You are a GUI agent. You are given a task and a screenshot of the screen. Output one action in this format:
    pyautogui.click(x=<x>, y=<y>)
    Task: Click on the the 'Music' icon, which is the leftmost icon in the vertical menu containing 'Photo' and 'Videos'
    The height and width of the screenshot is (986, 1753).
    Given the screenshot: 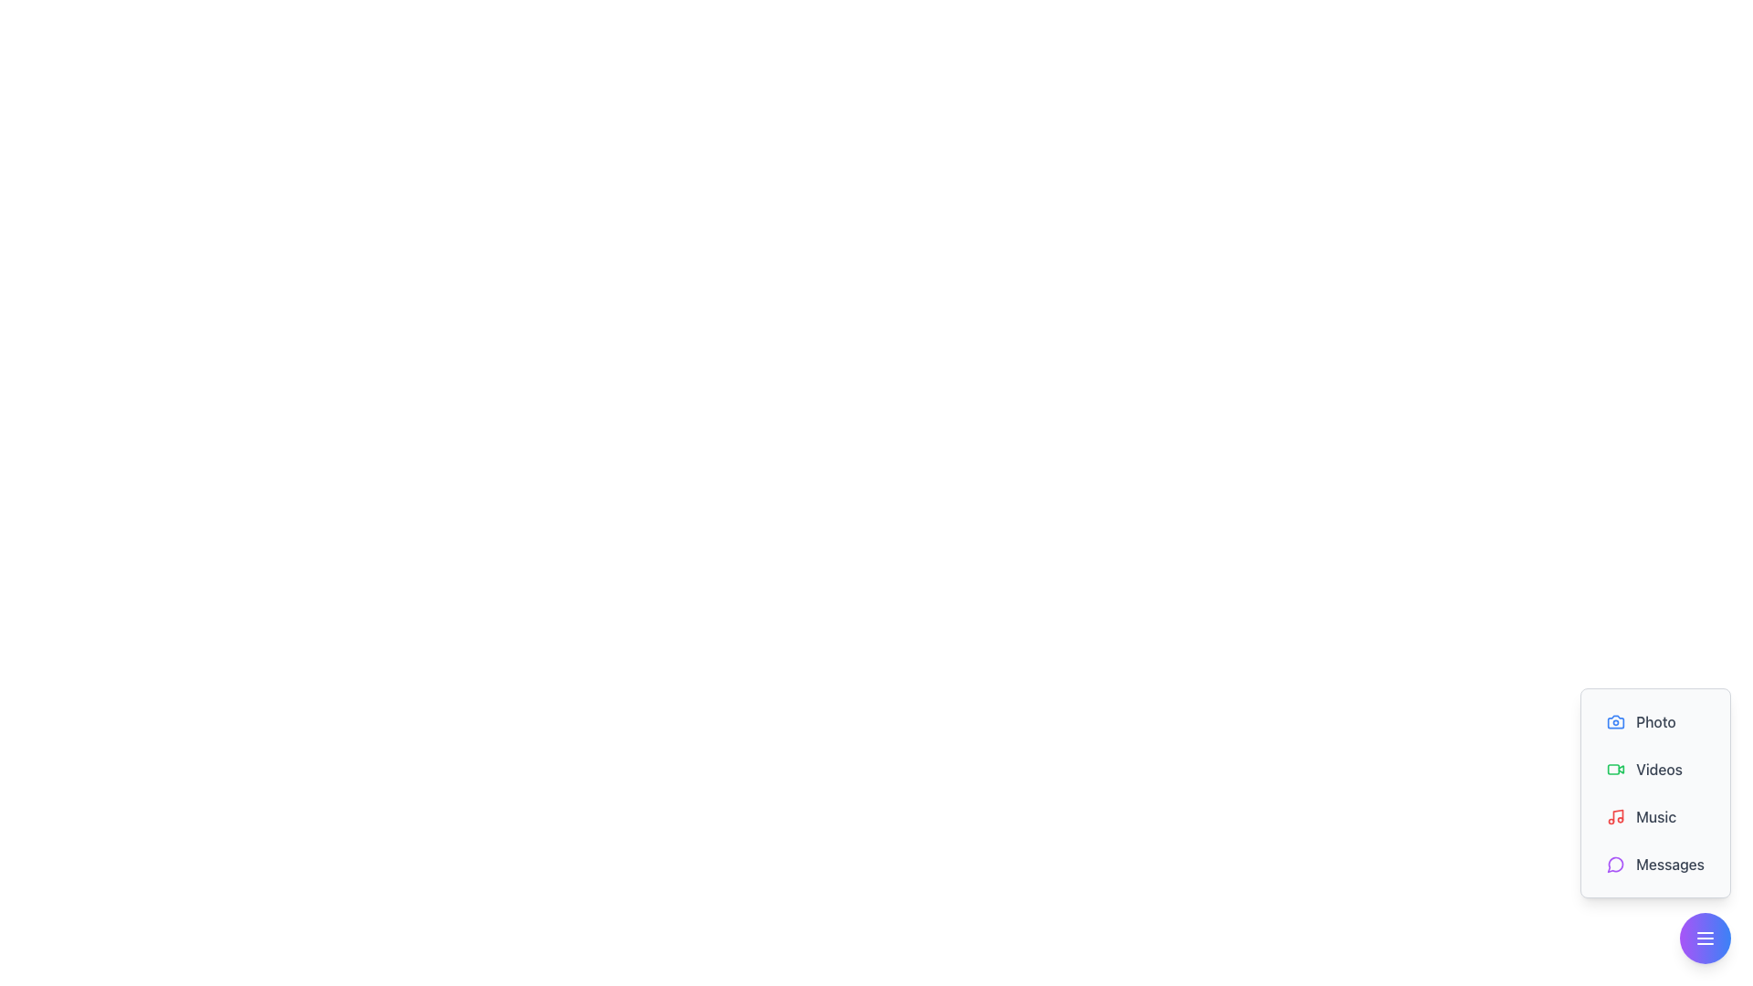 What is the action you would take?
    pyautogui.click(x=1616, y=815)
    